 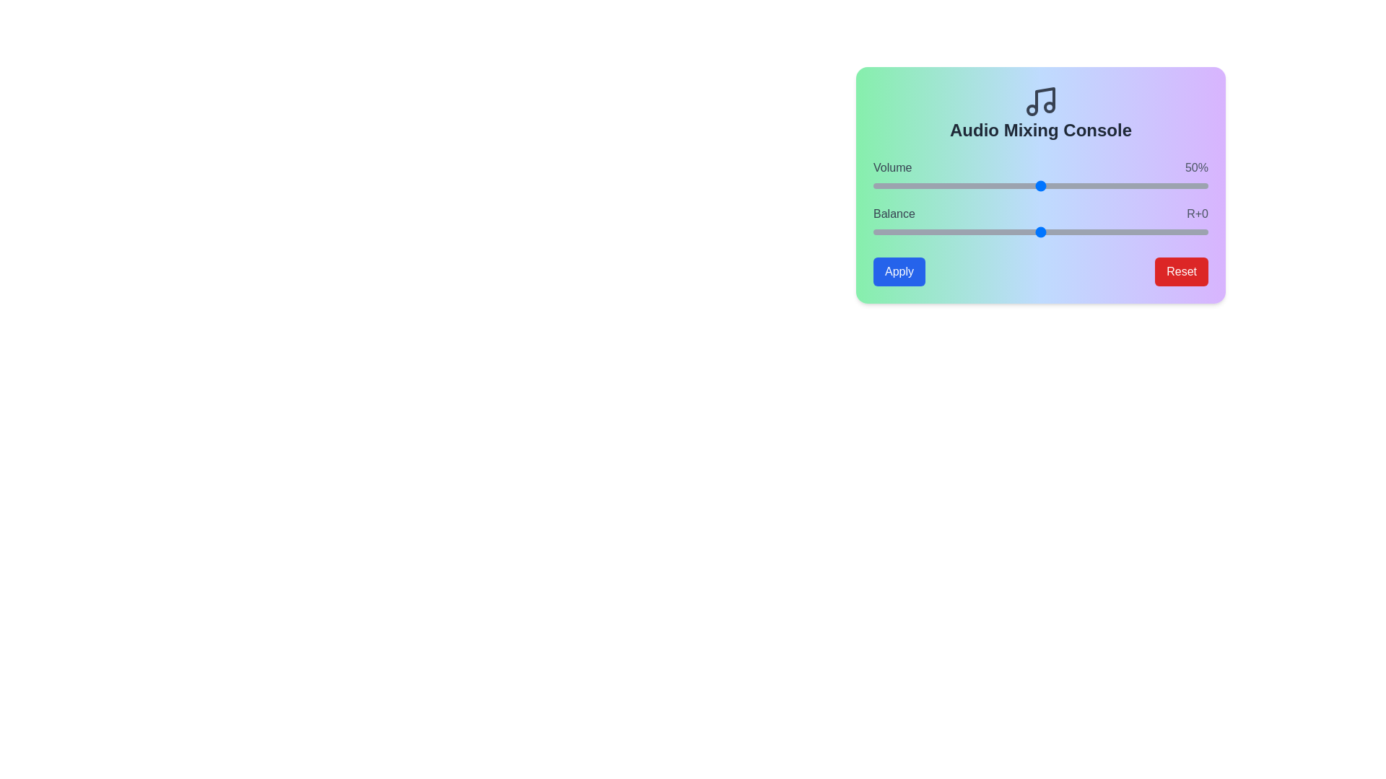 I want to click on balance, so click(x=1120, y=231).